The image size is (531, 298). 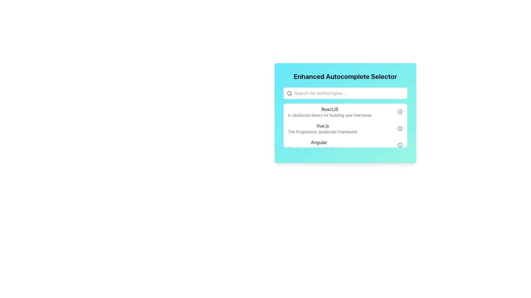 I want to click on the selectable option labeled 'Angular' in the list, which is the third entry below 'ReactJS' and 'Vue.js', so click(x=319, y=145).